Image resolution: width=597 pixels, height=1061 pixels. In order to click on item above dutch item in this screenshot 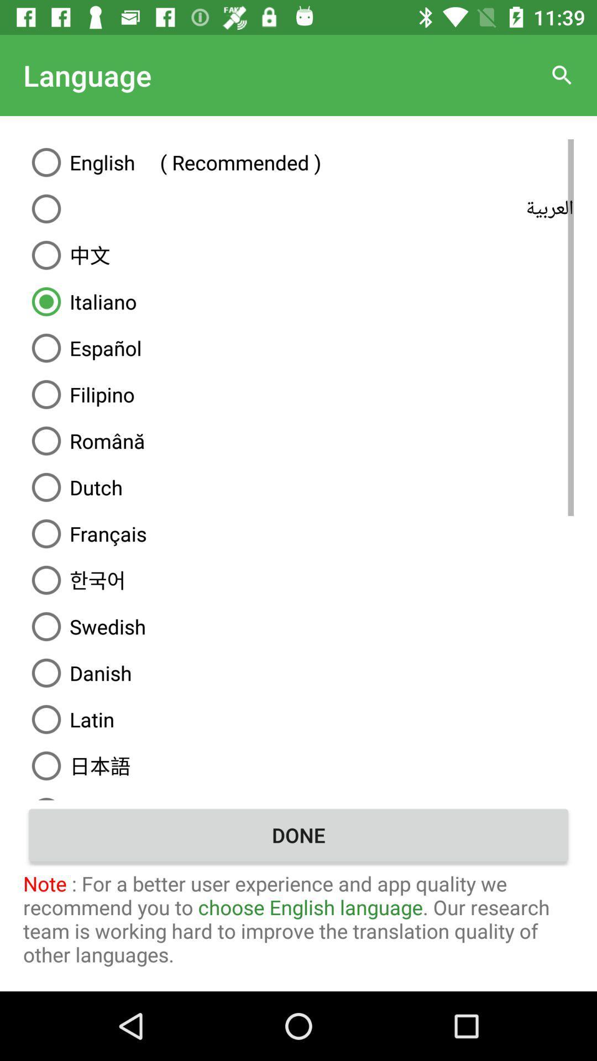, I will do `click(298, 440)`.